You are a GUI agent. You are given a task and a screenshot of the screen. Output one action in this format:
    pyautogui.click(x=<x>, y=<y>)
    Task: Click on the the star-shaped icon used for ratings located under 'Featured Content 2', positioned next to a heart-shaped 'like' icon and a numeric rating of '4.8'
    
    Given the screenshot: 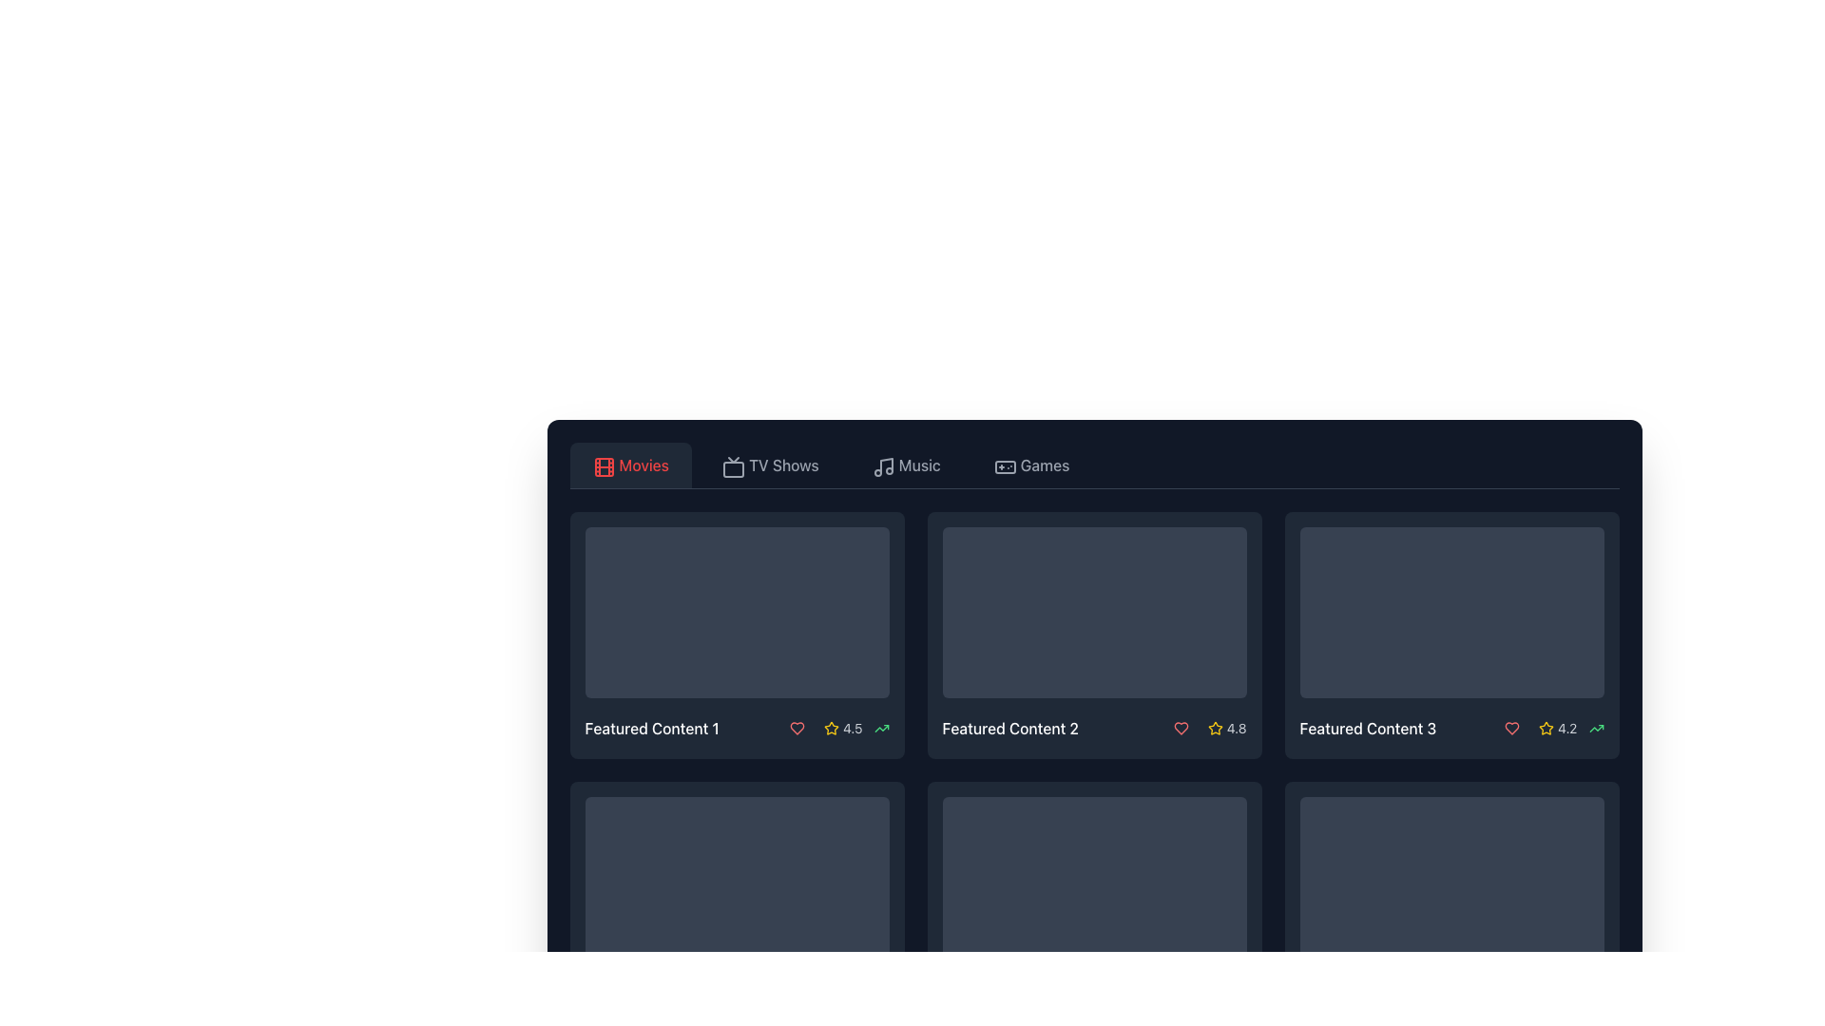 What is the action you would take?
    pyautogui.click(x=1214, y=727)
    